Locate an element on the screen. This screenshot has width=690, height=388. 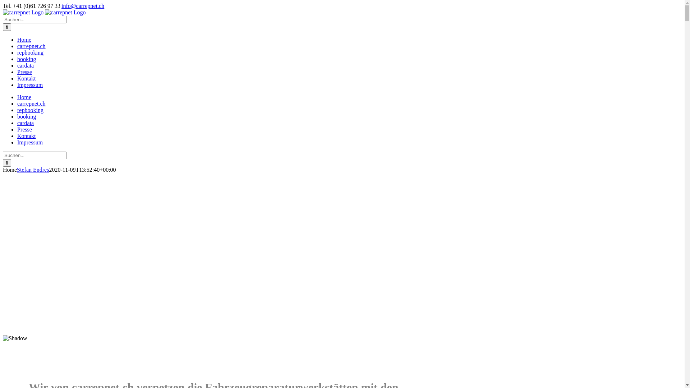
'repbooking' is located at coordinates (30, 52).